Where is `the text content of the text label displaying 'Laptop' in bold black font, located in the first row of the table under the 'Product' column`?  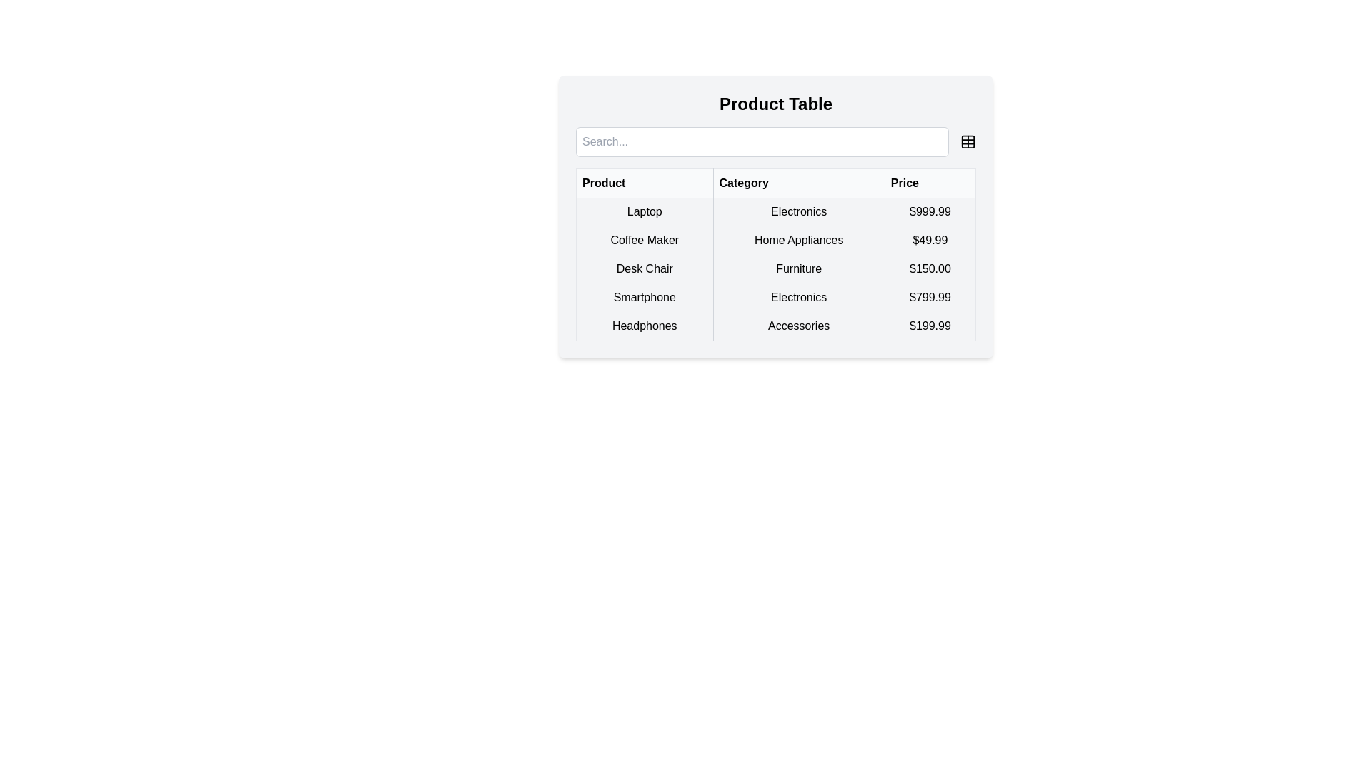 the text content of the text label displaying 'Laptop' in bold black font, located in the first row of the table under the 'Product' column is located at coordinates (644, 212).